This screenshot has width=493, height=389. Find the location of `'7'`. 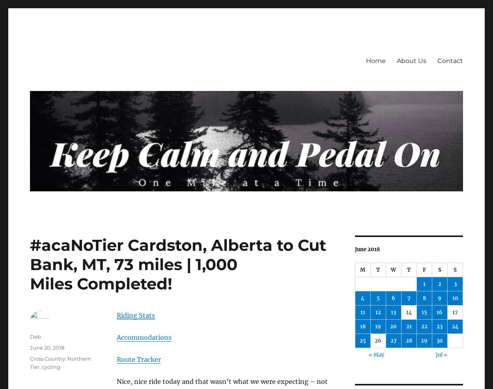

'7' is located at coordinates (407, 298).